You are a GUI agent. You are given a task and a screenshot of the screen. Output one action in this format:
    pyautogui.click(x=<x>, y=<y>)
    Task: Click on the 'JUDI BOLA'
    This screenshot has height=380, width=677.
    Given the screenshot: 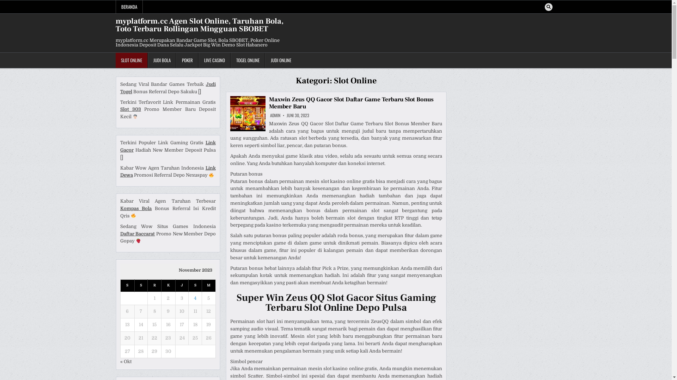 What is the action you would take?
    pyautogui.click(x=147, y=60)
    